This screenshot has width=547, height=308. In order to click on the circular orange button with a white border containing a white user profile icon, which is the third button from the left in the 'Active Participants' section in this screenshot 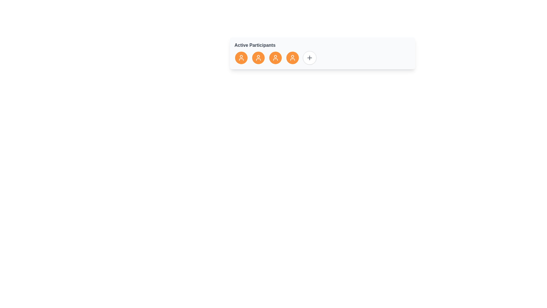, I will do `click(275, 58)`.